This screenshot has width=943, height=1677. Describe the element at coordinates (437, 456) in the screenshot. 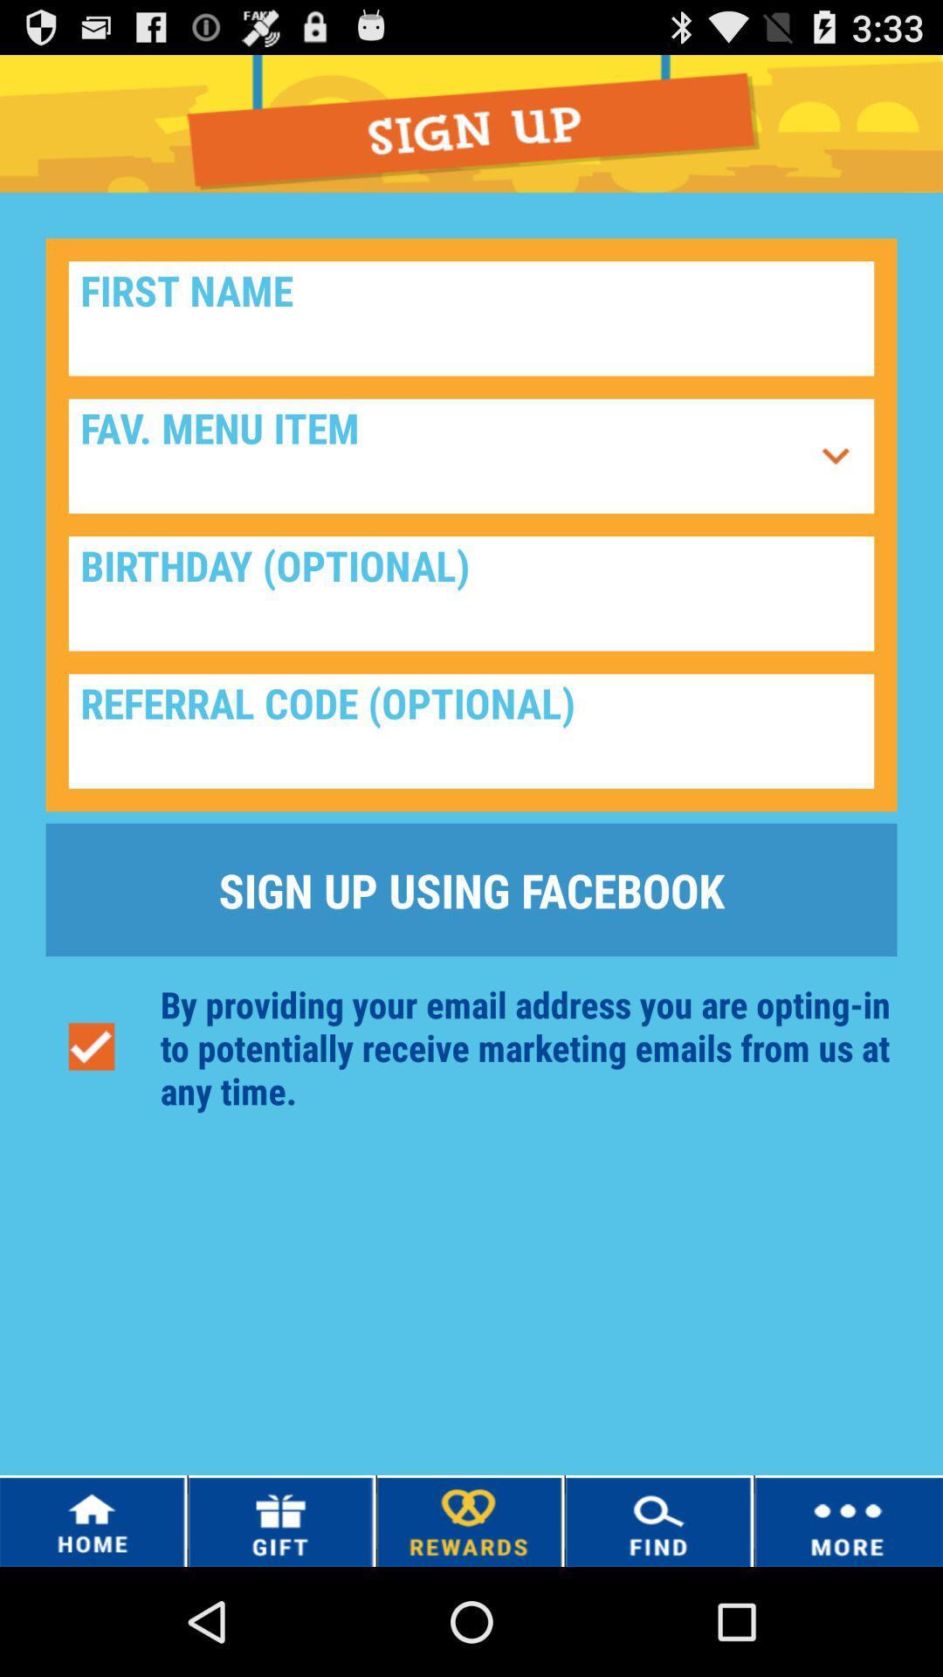

I see `it is a menu icon used to select a favorite dish or anything` at that location.